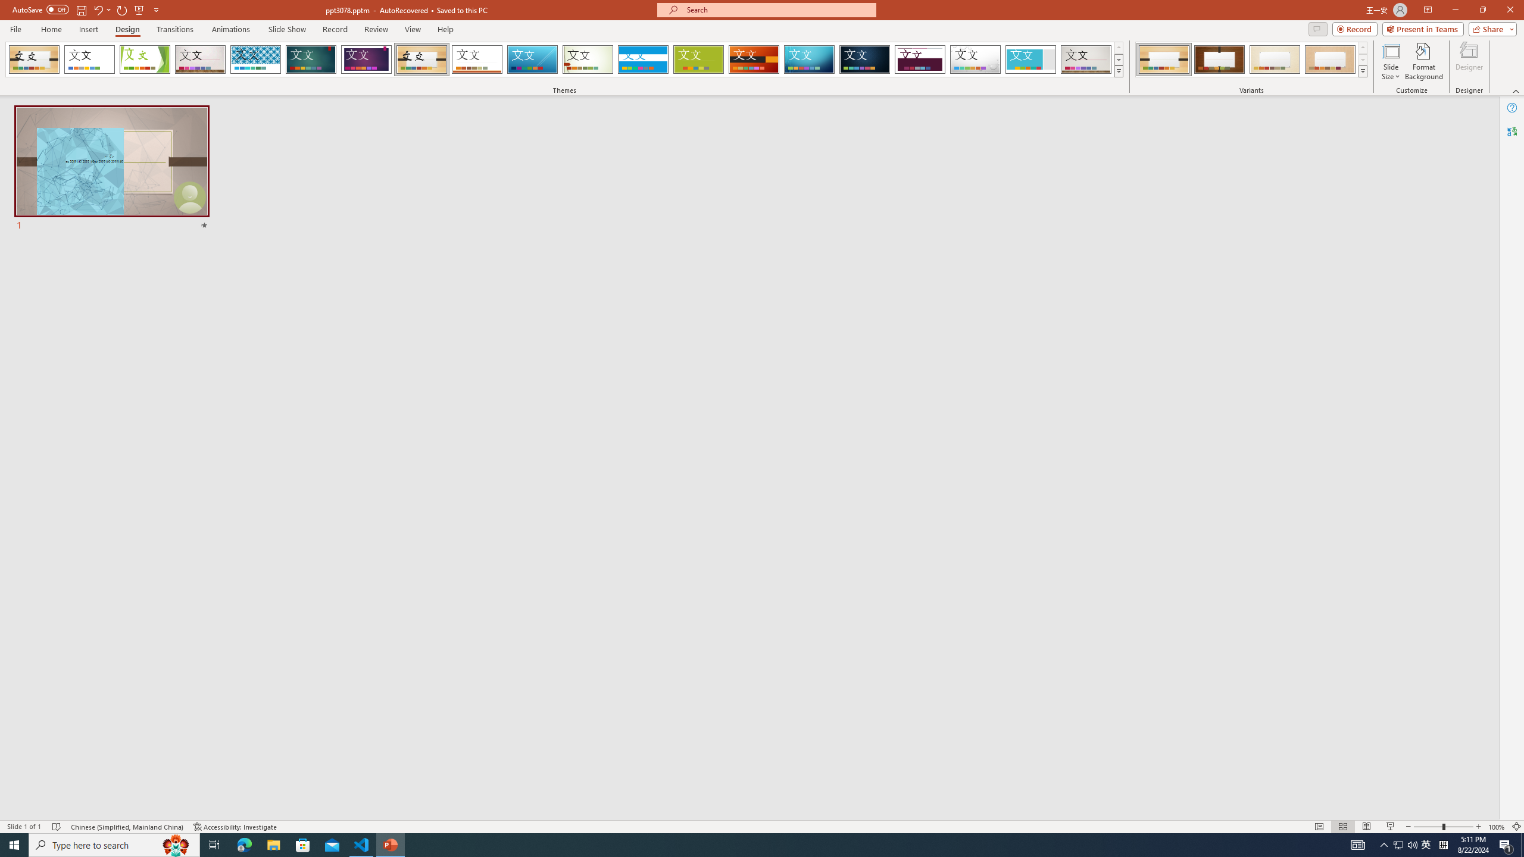  Describe the element at coordinates (476, 59) in the screenshot. I see `'Retrospect'` at that location.